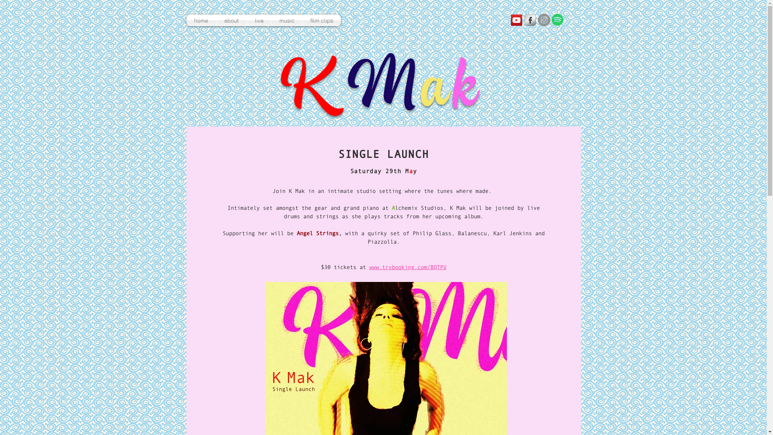  What do you see at coordinates (216, 20) in the screenshot?
I see `'about'` at bounding box center [216, 20].